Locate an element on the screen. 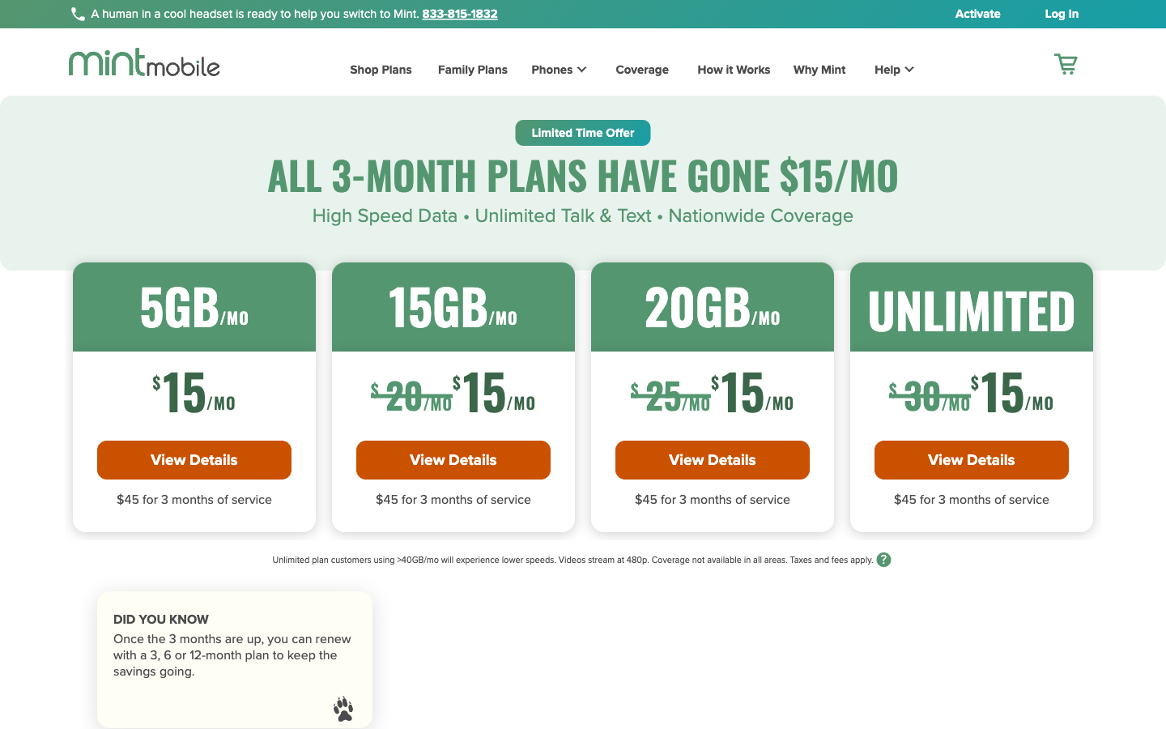  the Page for Phones is located at coordinates (547, 71).